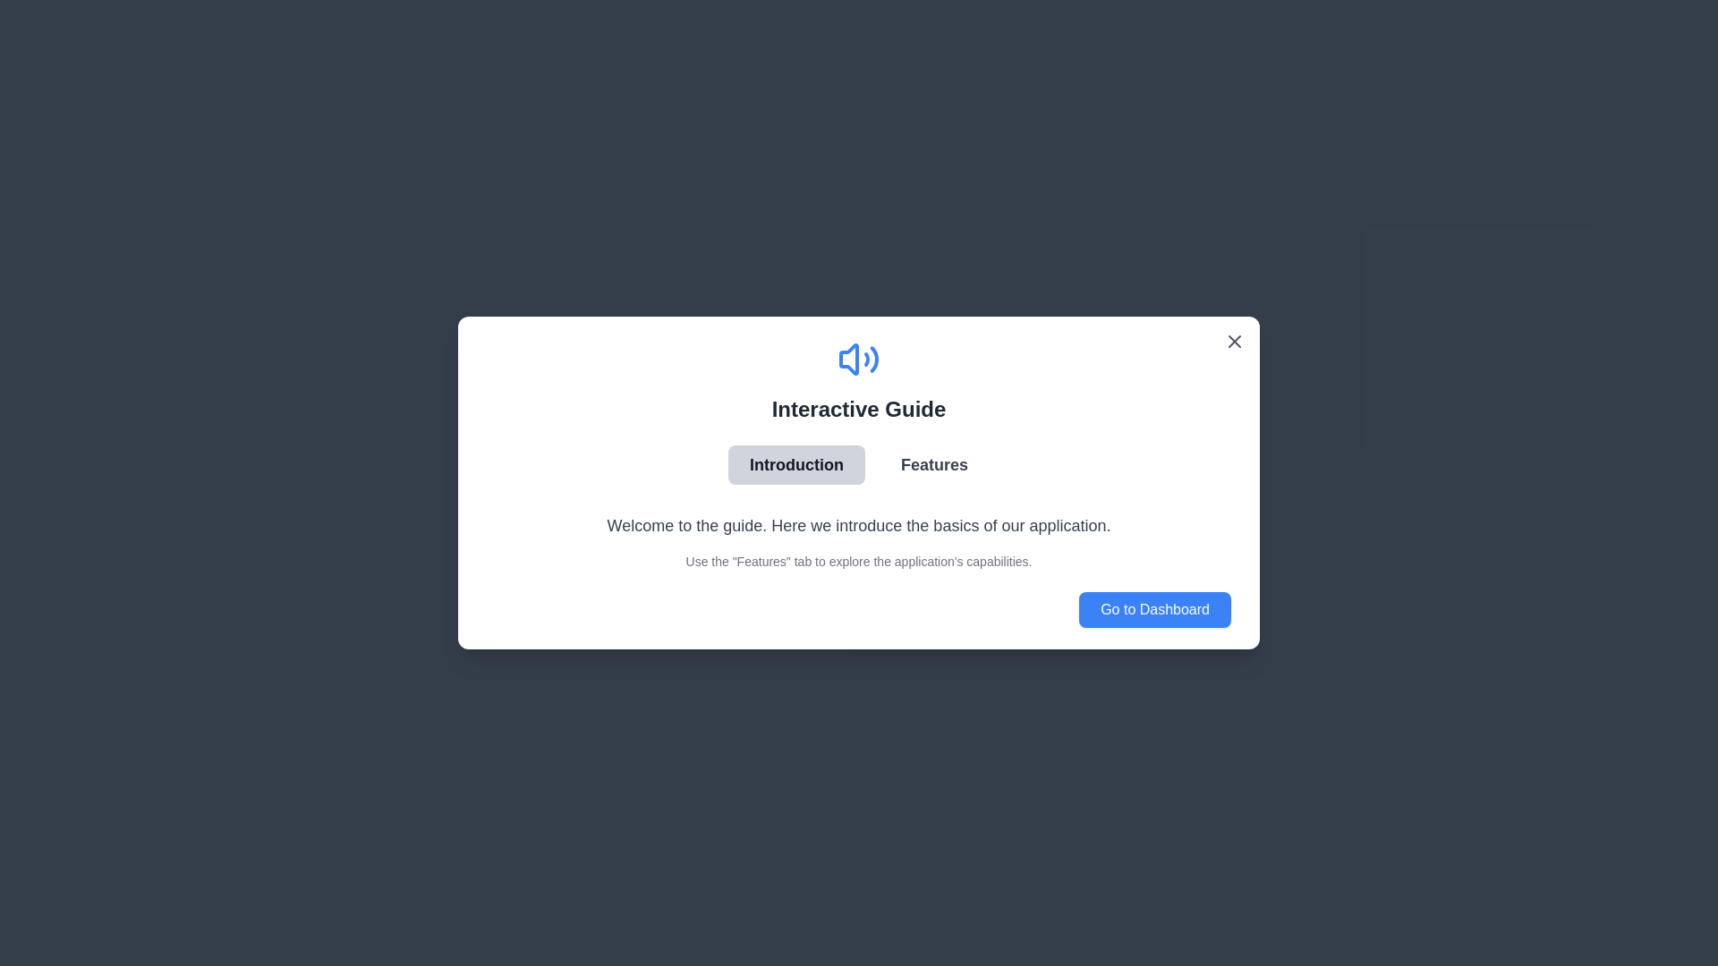  I want to click on the 'Introduction' and 'Features' buttons in the navigational tabs, so click(859, 464).